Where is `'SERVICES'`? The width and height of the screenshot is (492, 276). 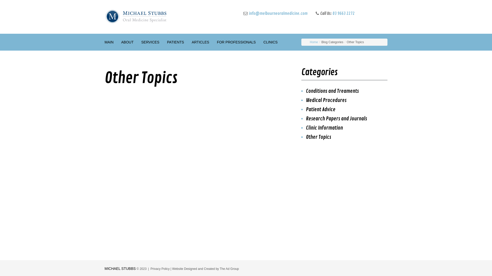
'SERVICES' is located at coordinates (150, 42).